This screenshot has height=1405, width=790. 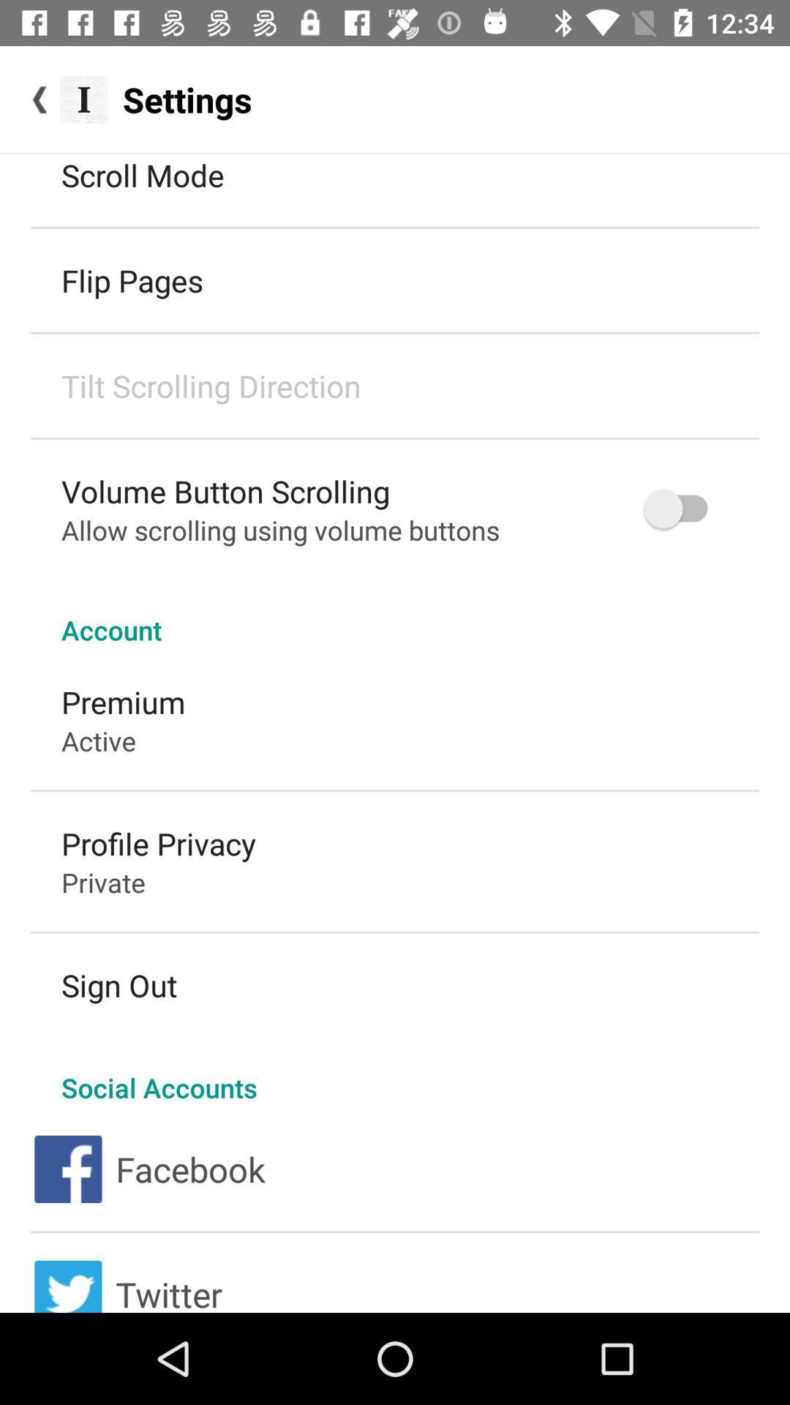 What do you see at coordinates (682, 509) in the screenshot?
I see `the item next to allow scrolling using icon` at bounding box center [682, 509].